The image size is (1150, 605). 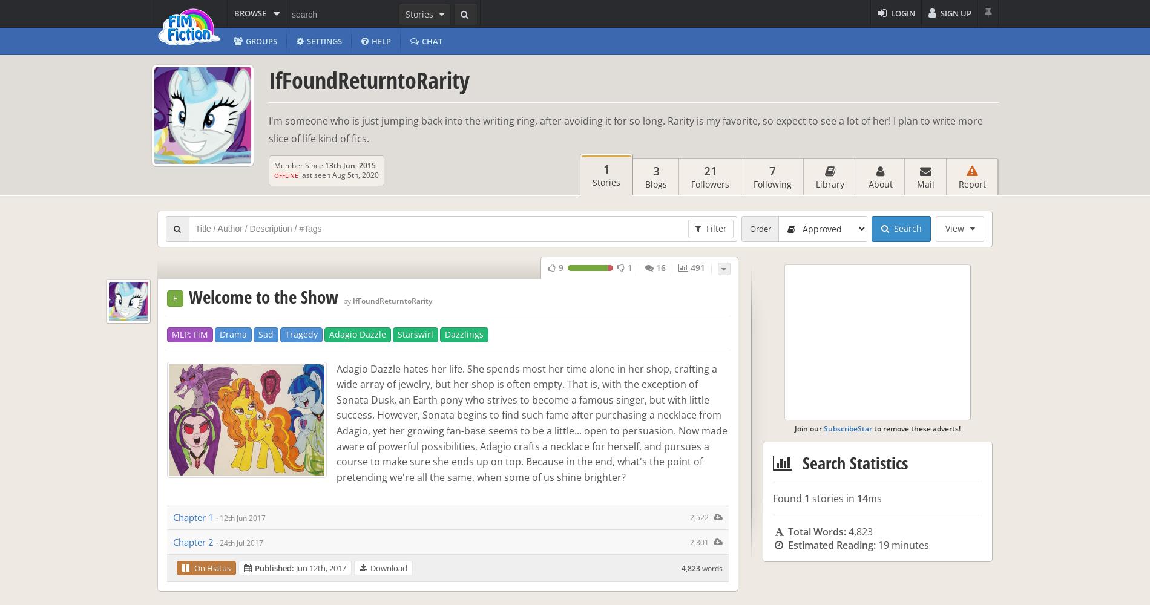 What do you see at coordinates (284, 334) in the screenshot?
I see `'Tragedy'` at bounding box center [284, 334].